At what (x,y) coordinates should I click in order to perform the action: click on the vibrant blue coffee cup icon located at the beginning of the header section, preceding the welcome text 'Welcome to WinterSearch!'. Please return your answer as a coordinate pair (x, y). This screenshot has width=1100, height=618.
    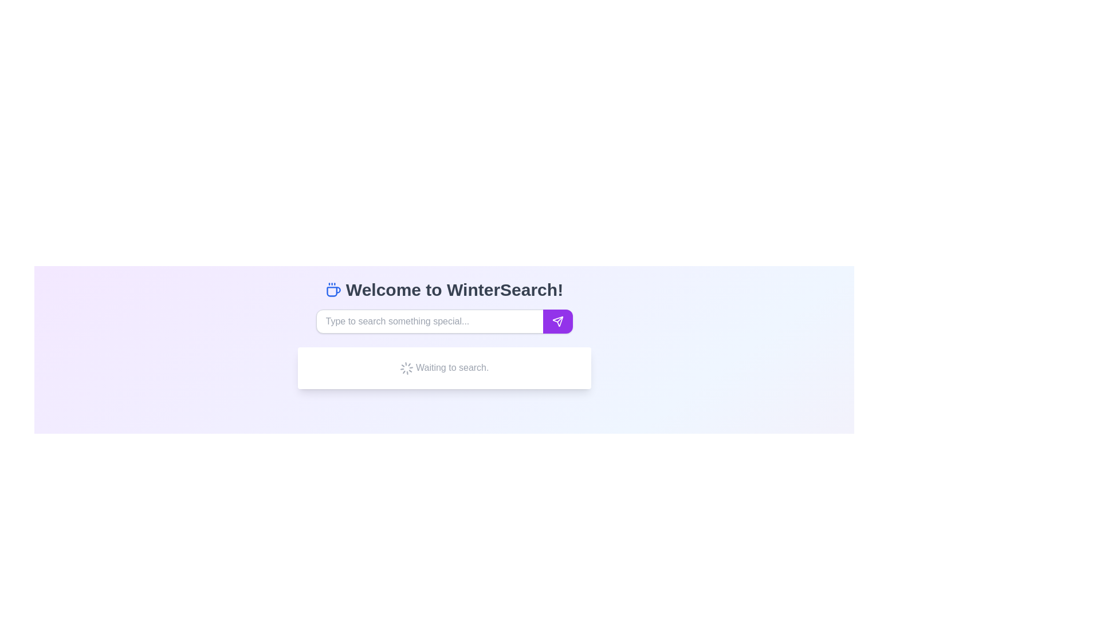
    Looking at the image, I should click on (332, 289).